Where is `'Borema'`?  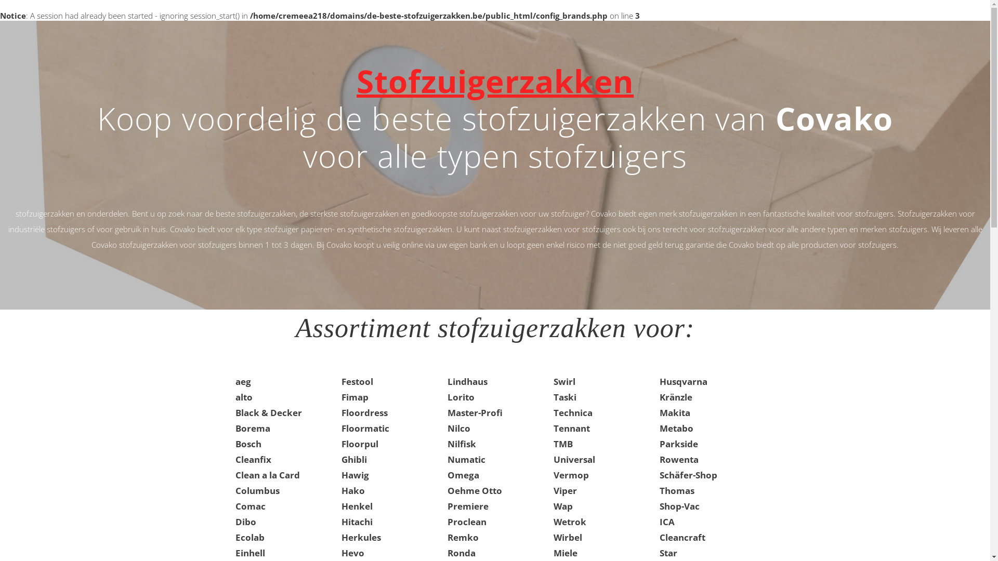 'Borema' is located at coordinates (252, 428).